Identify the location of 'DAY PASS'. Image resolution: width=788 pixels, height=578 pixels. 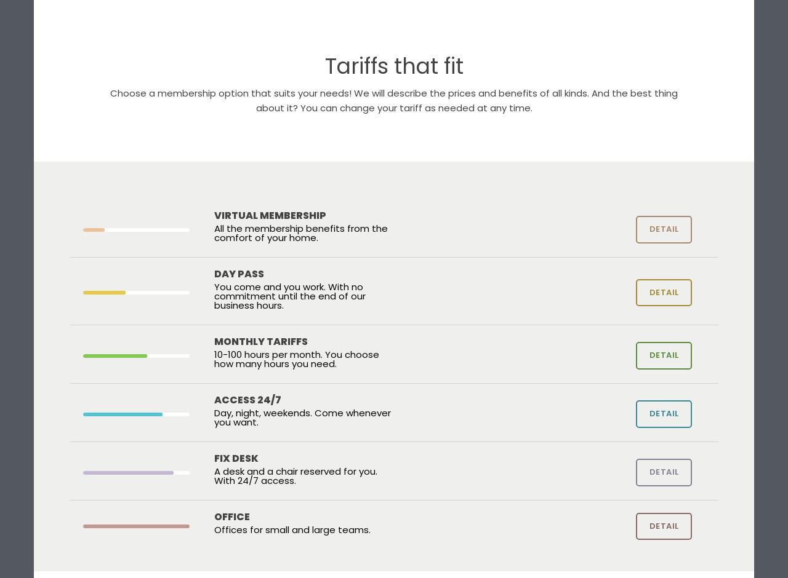
(214, 273).